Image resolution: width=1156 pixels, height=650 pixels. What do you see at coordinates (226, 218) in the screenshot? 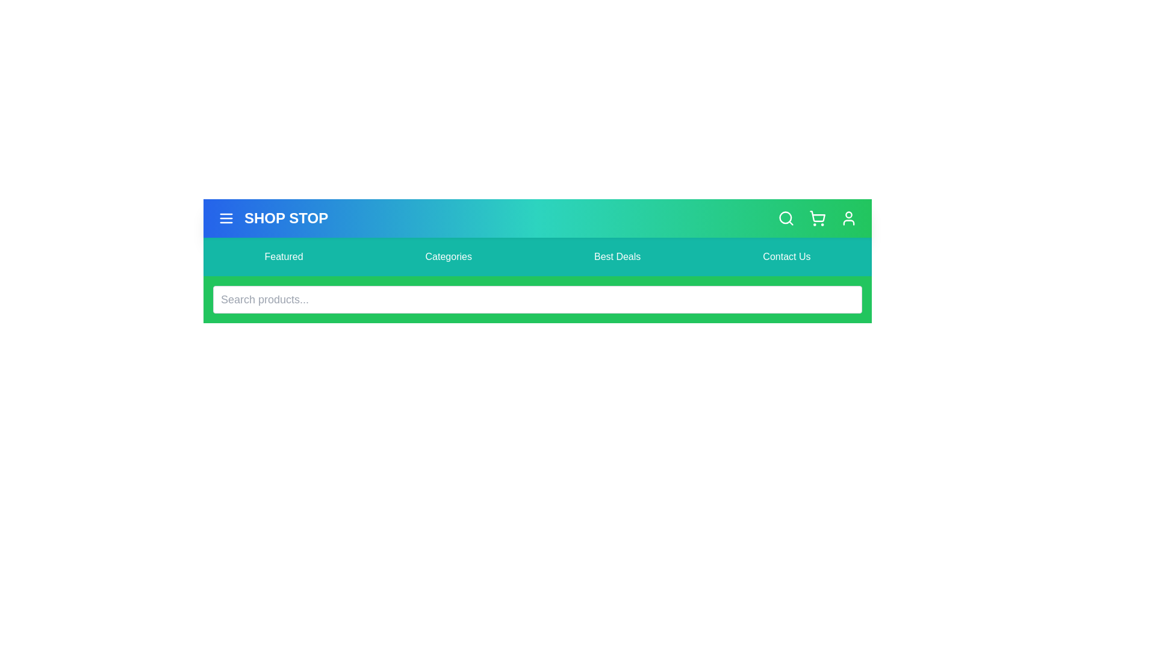
I see `menu button to toggle the menu visibility` at bounding box center [226, 218].